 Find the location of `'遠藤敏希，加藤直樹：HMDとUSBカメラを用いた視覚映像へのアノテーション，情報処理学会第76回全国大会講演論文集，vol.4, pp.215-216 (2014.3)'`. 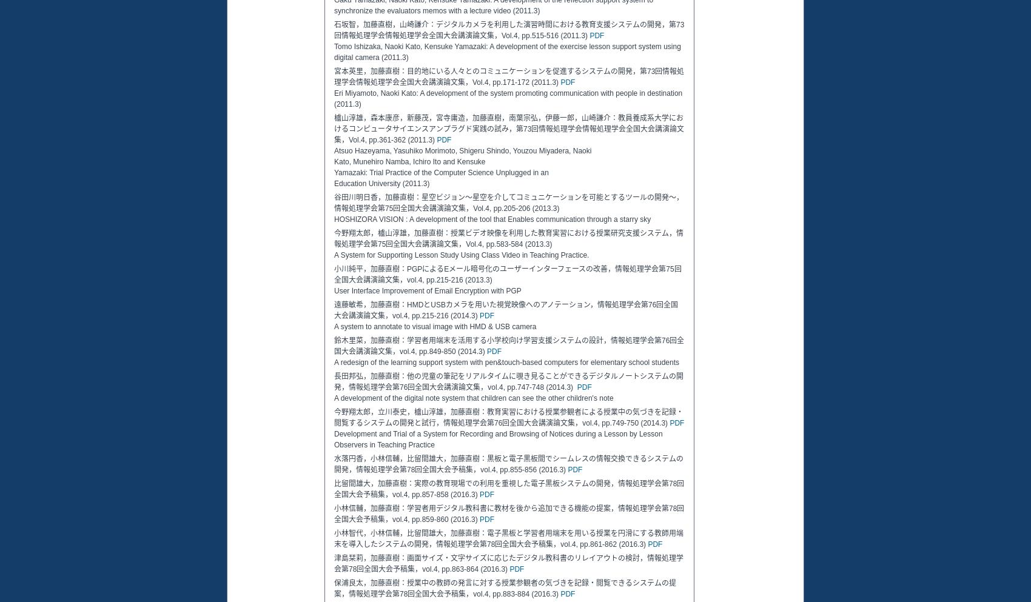

'遠藤敏希，加藤直樹：HMDとUSBカメラを用いた視覚映像へのアノテーション，情報処理学会第76回全国大会講演論文集，vol.4, pp.215-216 (2014.3)' is located at coordinates (505, 310).